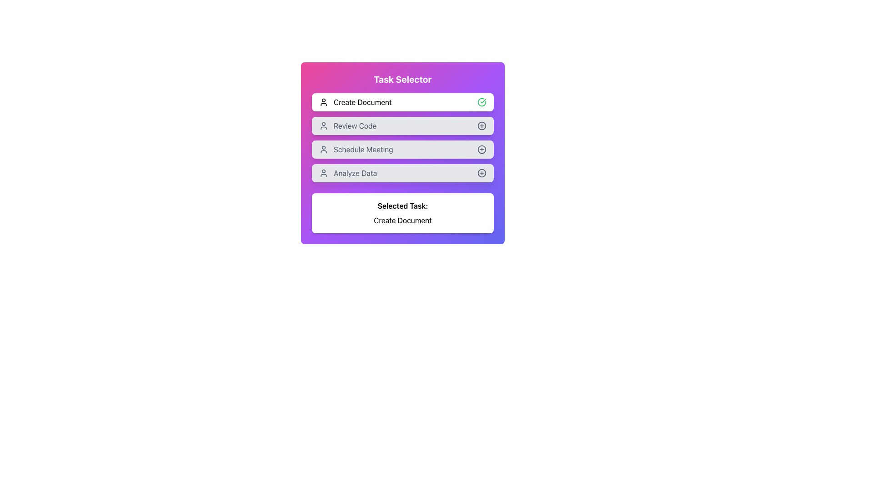 The height and width of the screenshot is (491, 873). What do you see at coordinates (323, 173) in the screenshot?
I see `the user silhouette icon located to the left of the 'Analyze Data' text, which is the leftmost icon in the row for the fourth item in a vertical list` at bounding box center [323, 173].